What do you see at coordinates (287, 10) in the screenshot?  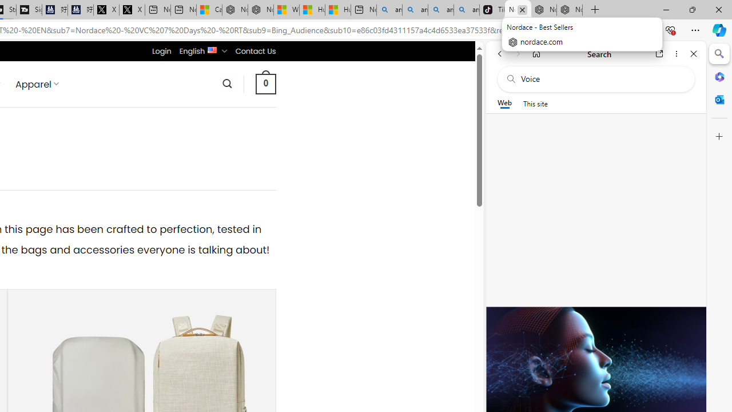 I see `'Wildlife - MSN'` at bounding box center [287, 10].